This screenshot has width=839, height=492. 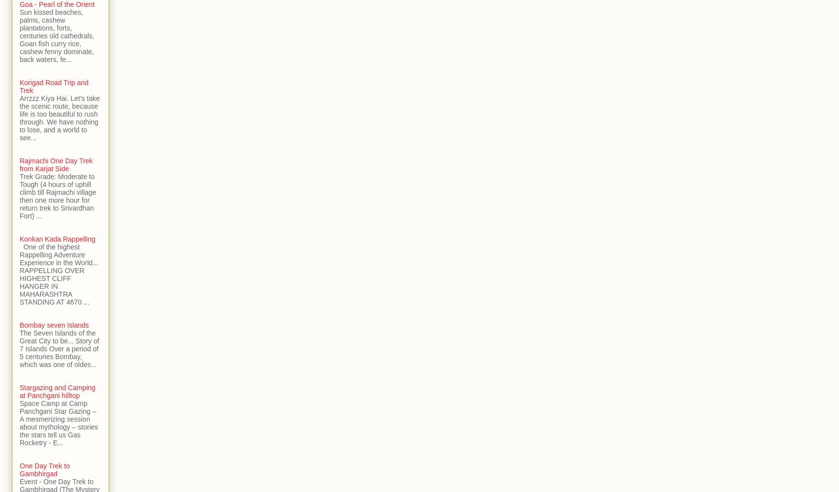 What do you see at coordinates (44, 469) in the screenshot?
I see `'One Day Trek to Gambhirgad'` at bounding box center [44, 469].